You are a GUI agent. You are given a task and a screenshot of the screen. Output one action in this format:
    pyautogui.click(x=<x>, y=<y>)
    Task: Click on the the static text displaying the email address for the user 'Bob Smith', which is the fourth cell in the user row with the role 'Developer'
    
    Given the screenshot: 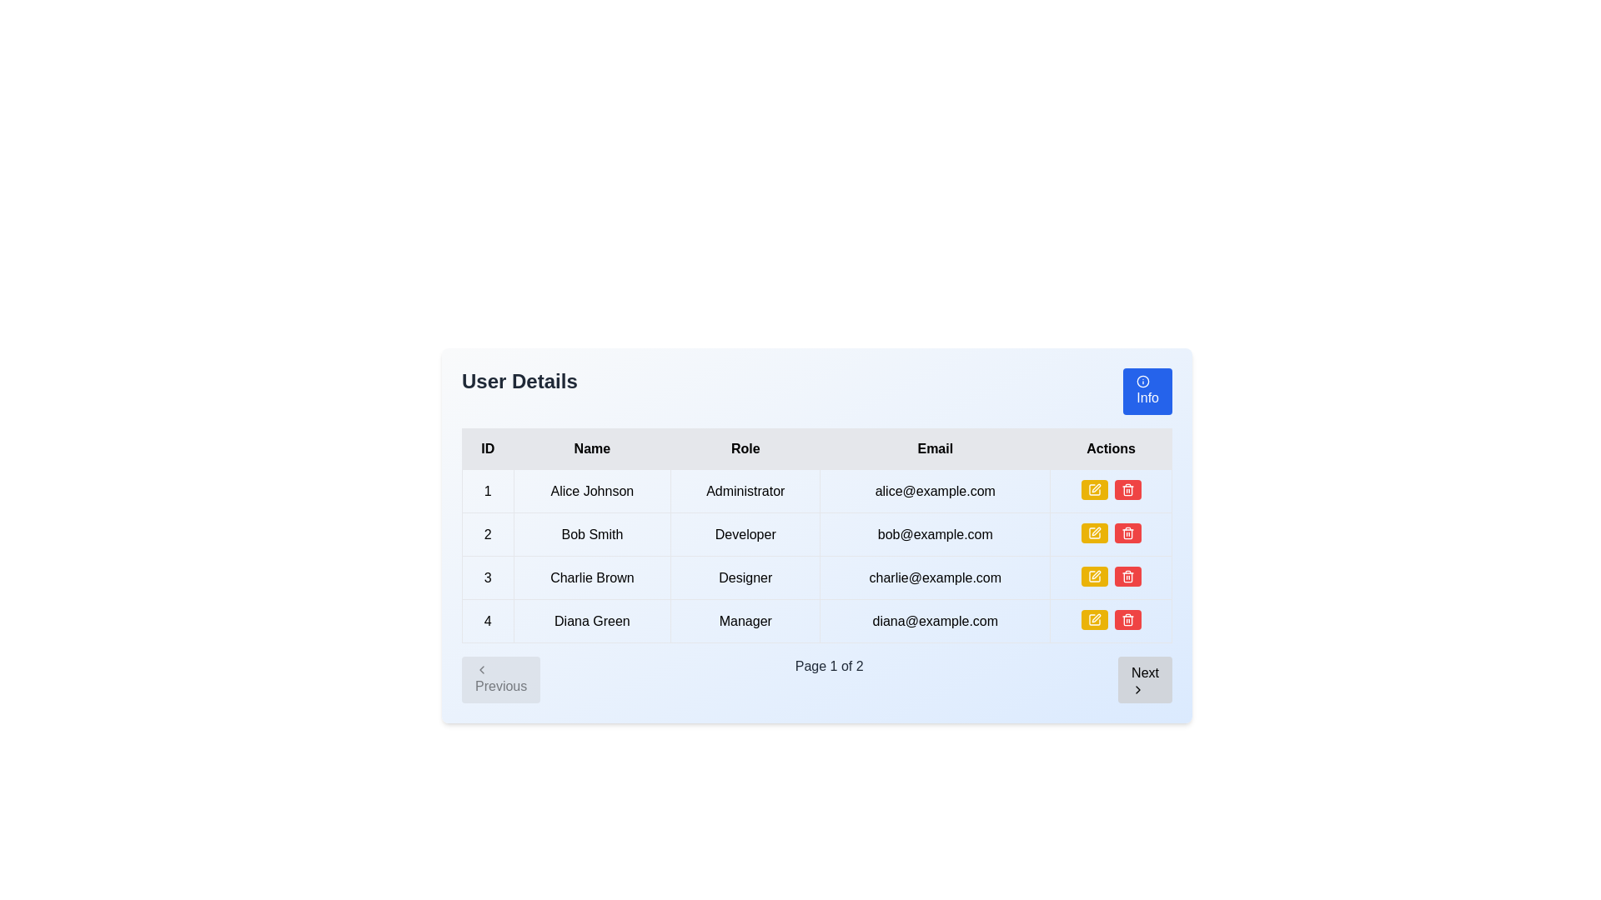 What is the action you would take?
    pyautogui.click(x=935, y=534)
    